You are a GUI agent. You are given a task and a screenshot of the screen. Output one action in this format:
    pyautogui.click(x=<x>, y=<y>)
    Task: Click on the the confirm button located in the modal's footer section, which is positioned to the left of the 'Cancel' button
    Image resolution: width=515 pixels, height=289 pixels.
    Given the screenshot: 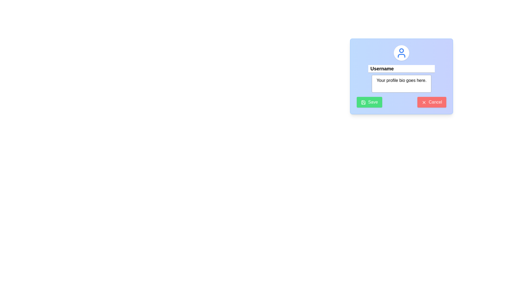 What is the action you would take?
    pyautogui.click(x=369, y=102)
    